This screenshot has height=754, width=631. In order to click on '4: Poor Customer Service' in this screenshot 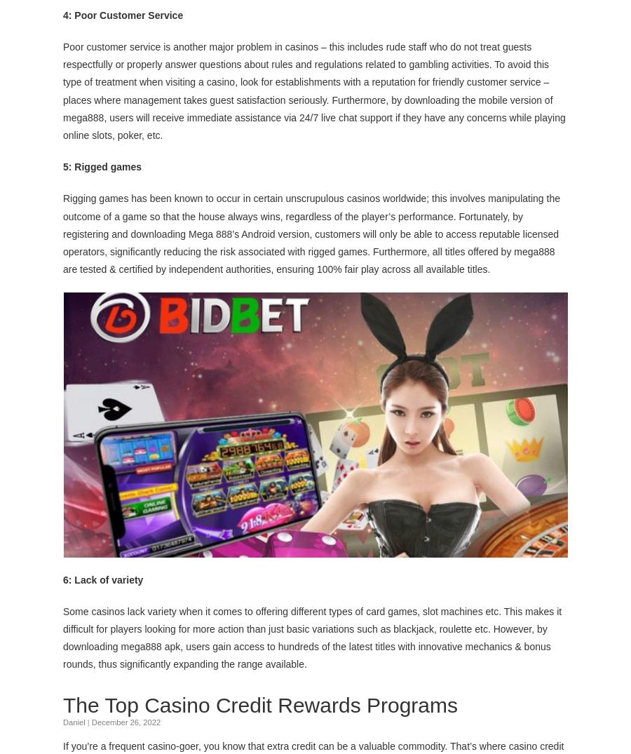, I will do `click(62, 13)`.